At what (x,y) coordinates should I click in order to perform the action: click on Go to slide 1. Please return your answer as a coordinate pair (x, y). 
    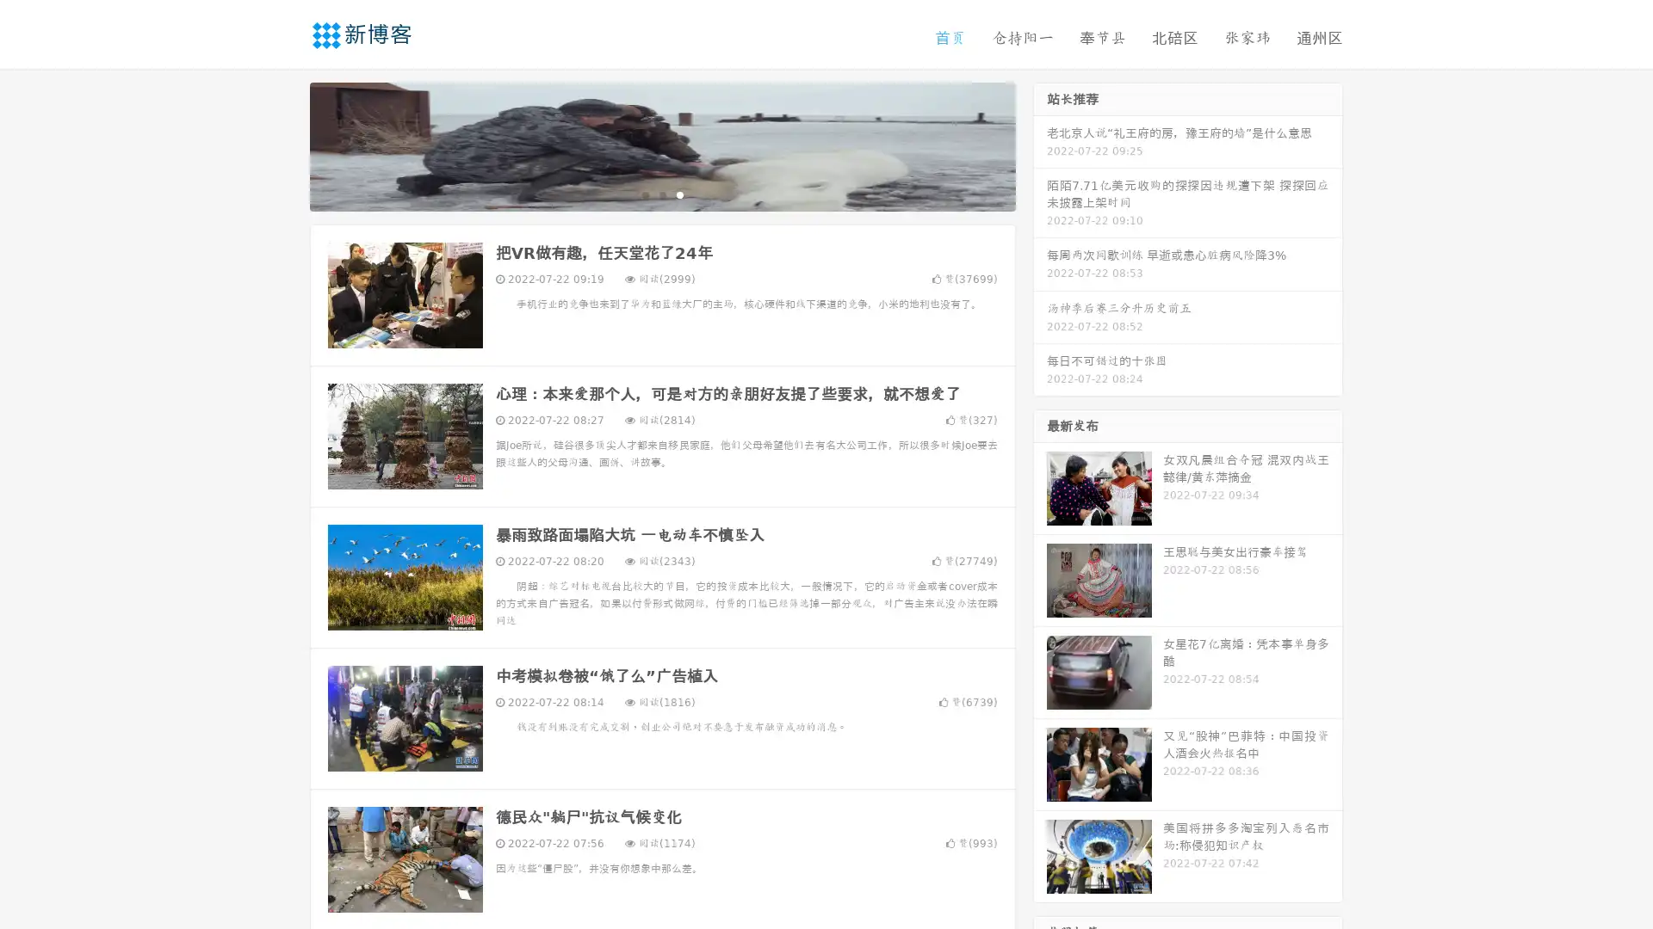
    Looking at the image, I should click on (644, 194).